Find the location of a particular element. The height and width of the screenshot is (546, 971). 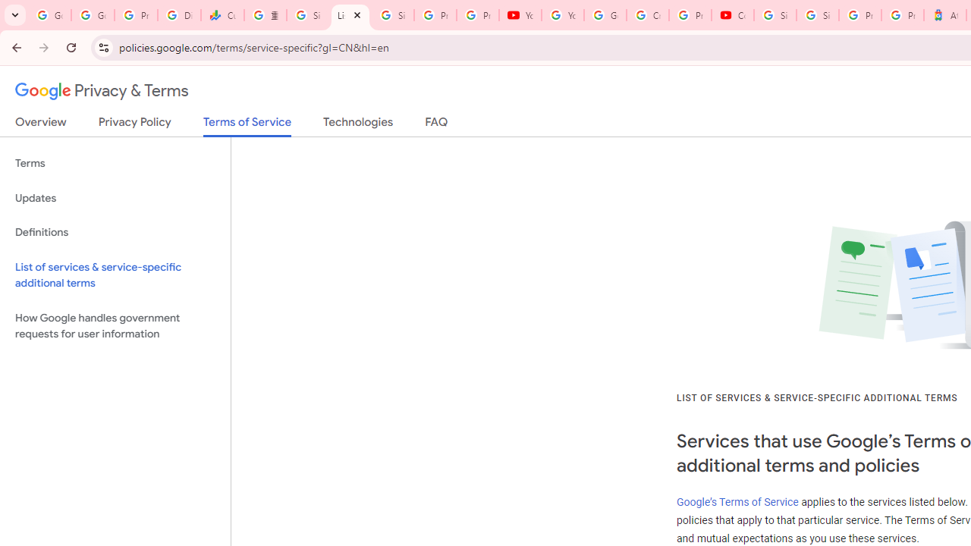

'Content Creator Programs & Opportunities - YouTube Creators' is located at coordinates (733, 15).